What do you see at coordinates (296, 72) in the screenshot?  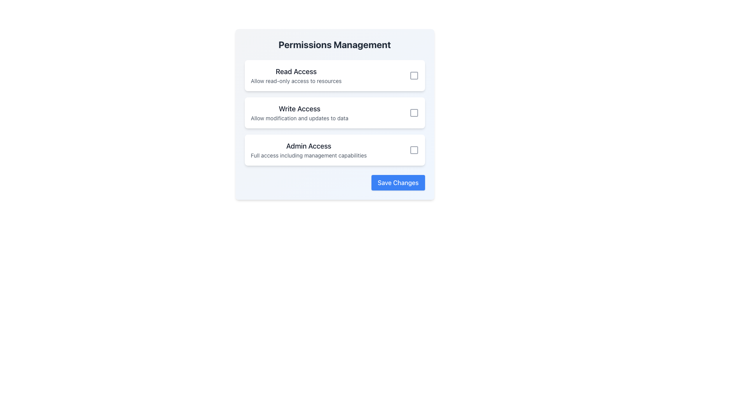 I see `the 'Read Access' text label, which is styled with a larger font size and bold weight, located at the top left corner of the Permissions Management section` at bounding box center [296, 72].